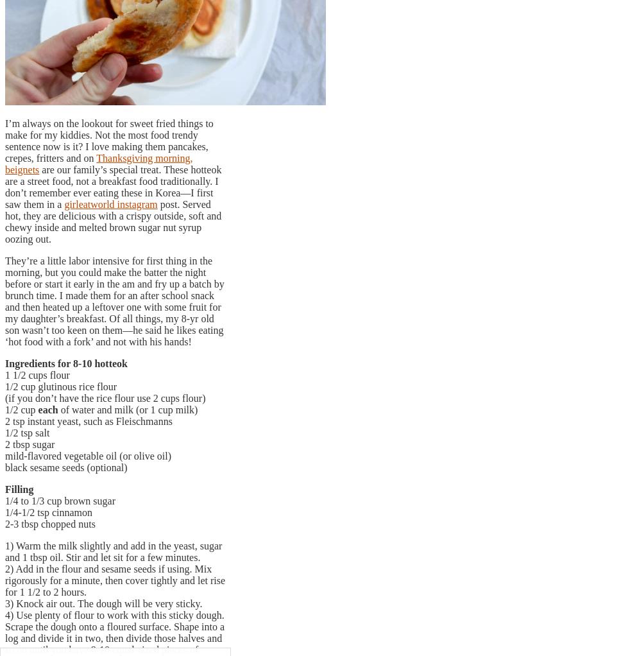 Image resolution: width=621 pixels, height=656 pixels. What do you see at coordinates (114, 551) in the screenshot?
I see `'1) Warm the milk slightly and add in the yeast, sugar and 1 tbsp oil. Stir and let sit for a few minutes.'` at bounding box center [114, 551].